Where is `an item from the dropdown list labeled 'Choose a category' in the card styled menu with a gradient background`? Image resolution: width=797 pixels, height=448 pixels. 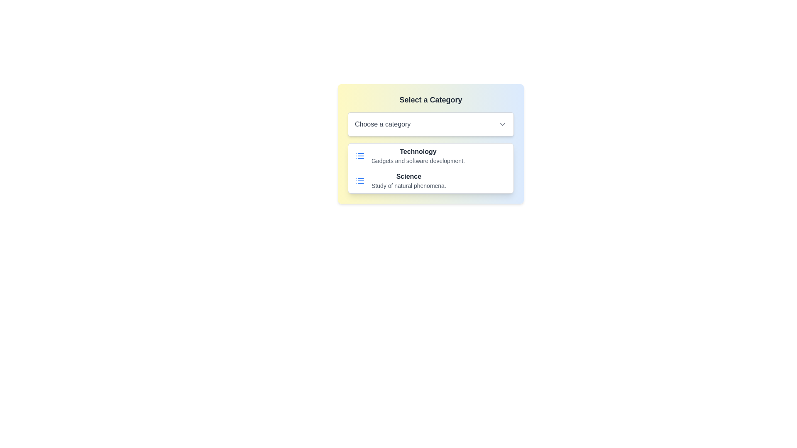
an item from the dropdown list labeled 'Choose a category' in the card styled menu with a gradient background is located at coordinates (430, 144).